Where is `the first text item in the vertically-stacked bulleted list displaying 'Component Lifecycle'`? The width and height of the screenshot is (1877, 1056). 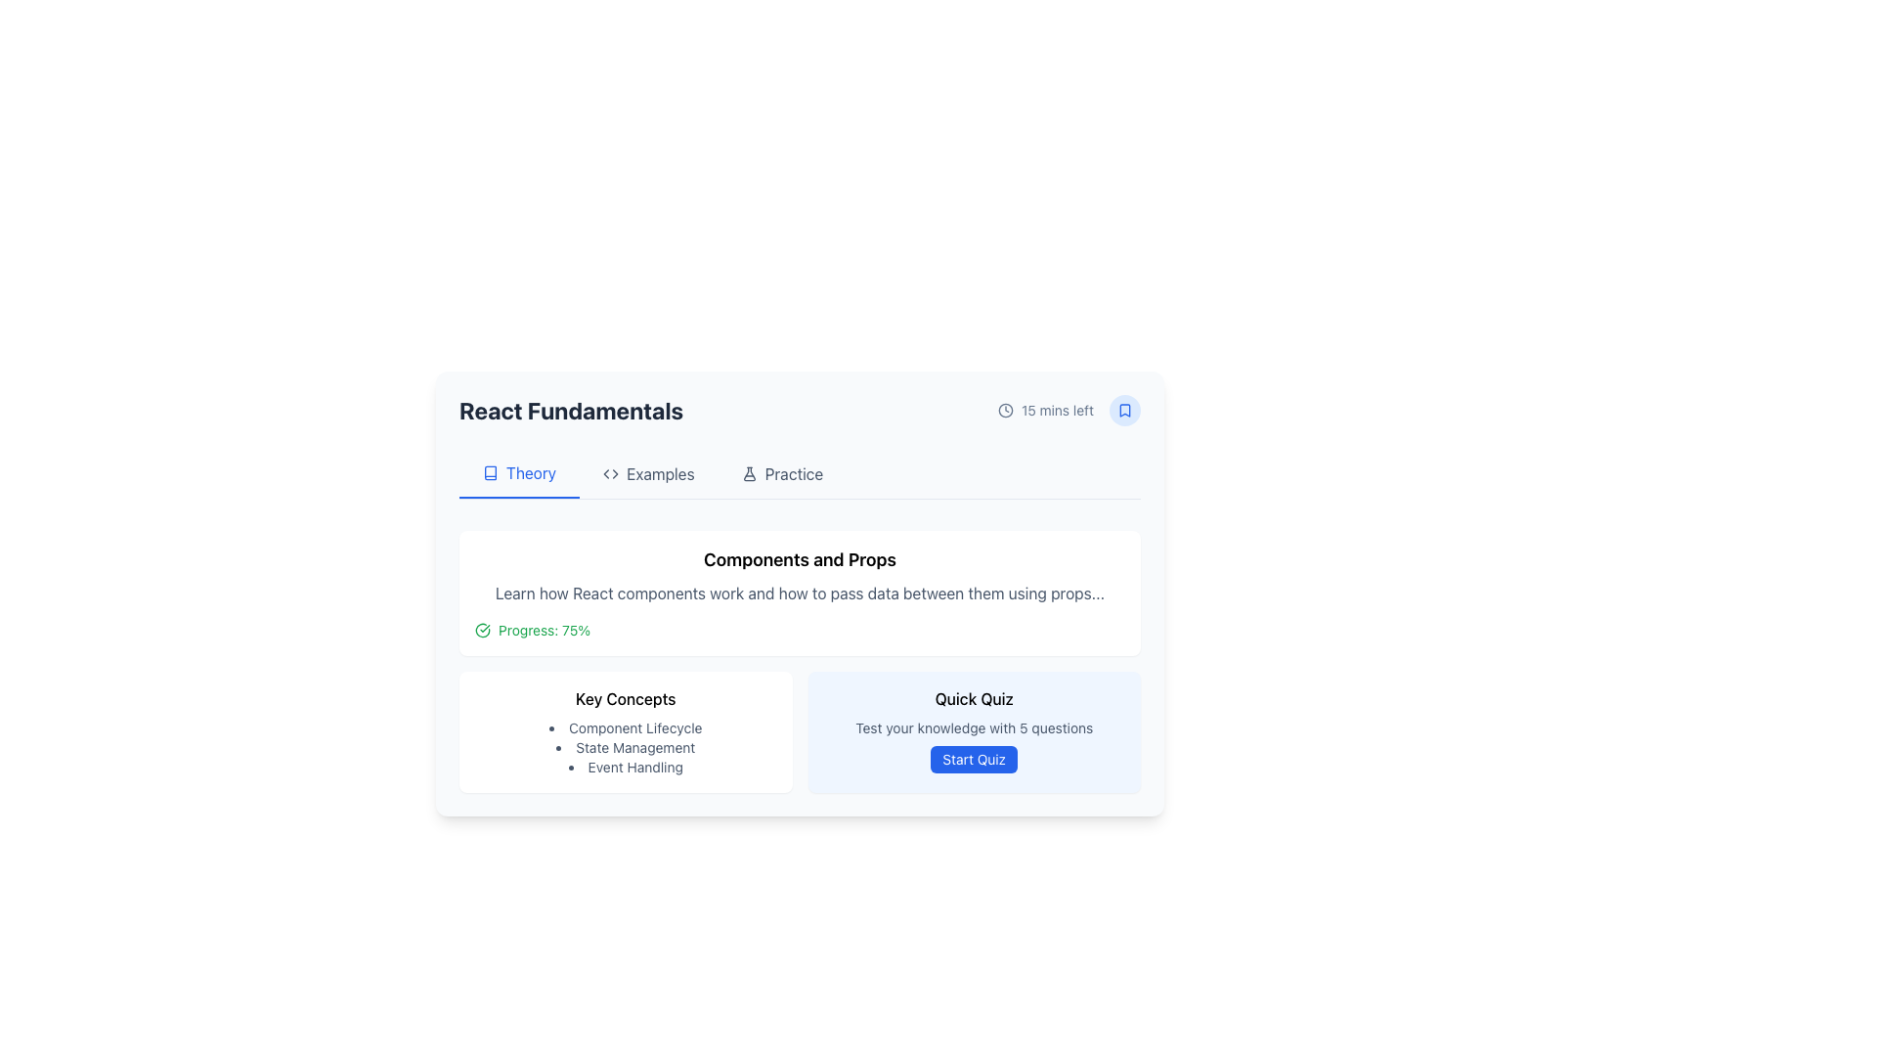 the first text item in the vertically-stacked bulleted list displaying 'Component Lifecycle' is located at coordinates (626, 727).